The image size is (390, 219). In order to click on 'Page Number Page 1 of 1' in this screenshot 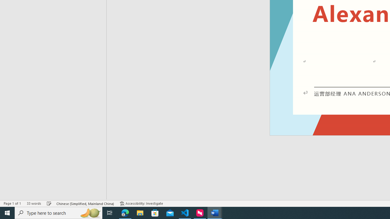, I will do `click(12, 203)`.